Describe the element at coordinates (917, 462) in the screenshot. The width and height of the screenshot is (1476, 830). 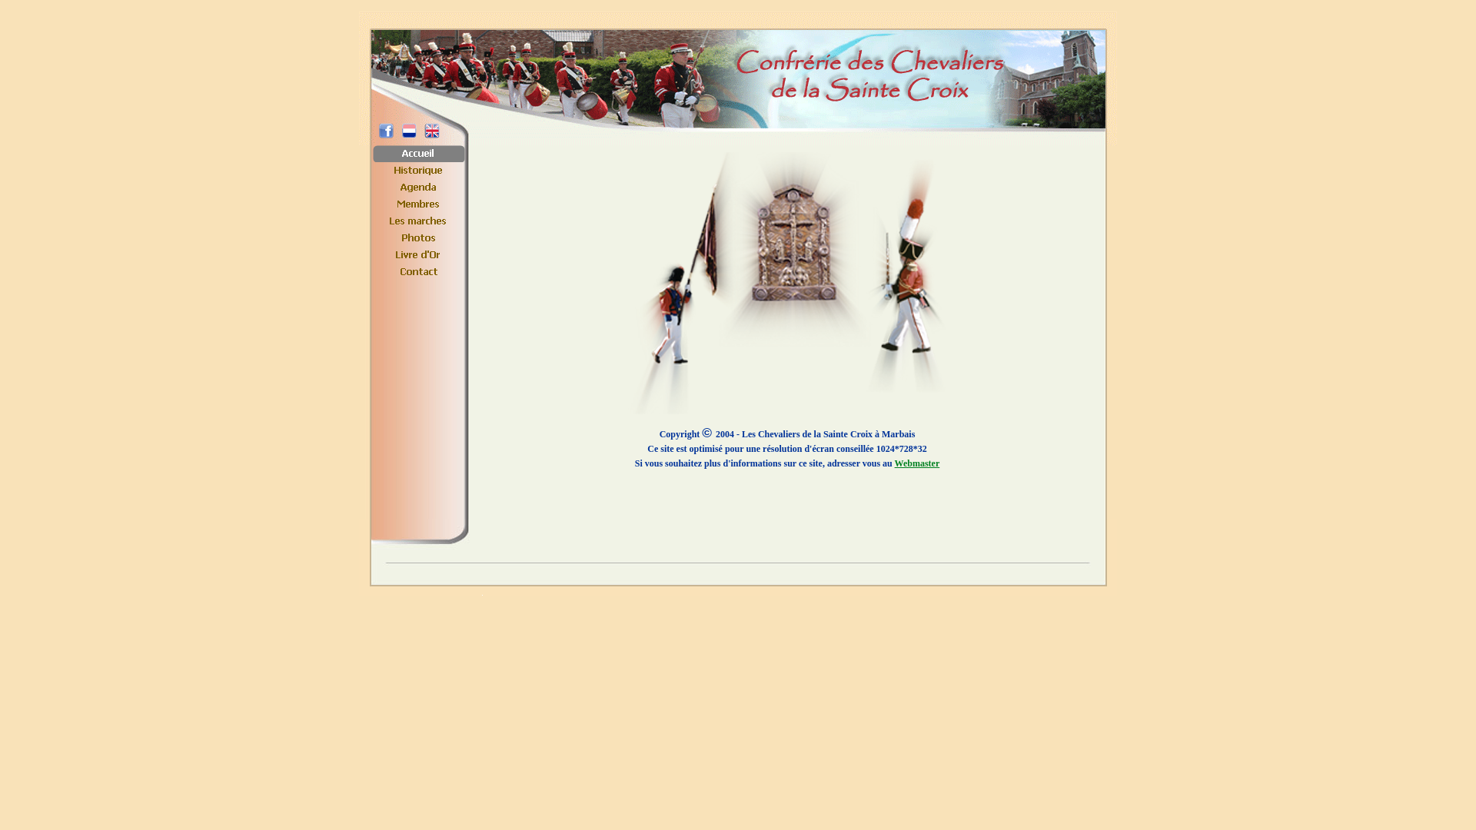
I see `'Webmaster'` at that location.